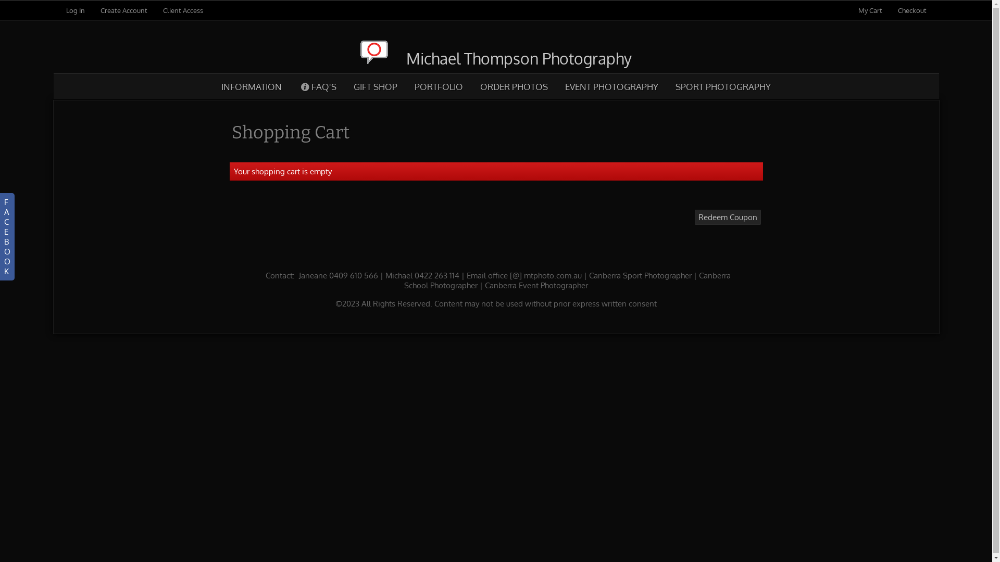 Image resolution: width=1000 pixels, height=562 pixels. I want to click on 'Create Account', so click(123, 10).